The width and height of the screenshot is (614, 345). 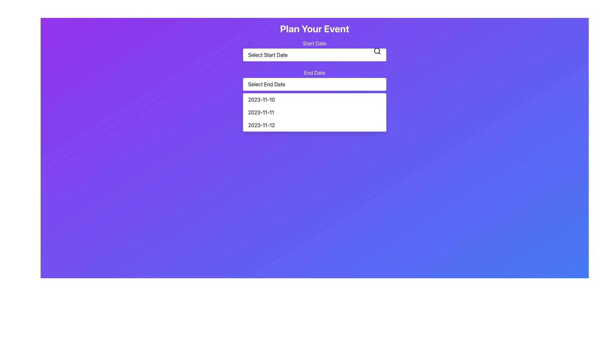 I want to click on the circular outline within the magnifying glass icon located at the top-right corner of the 'Select Start Date' input field, so click(x=377, y=50).